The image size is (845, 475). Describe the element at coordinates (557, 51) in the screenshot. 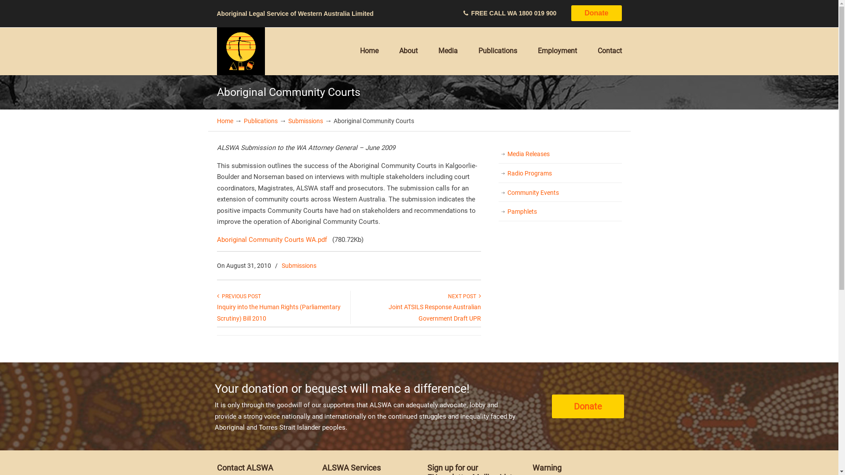

I see `'Employment'` at that location.